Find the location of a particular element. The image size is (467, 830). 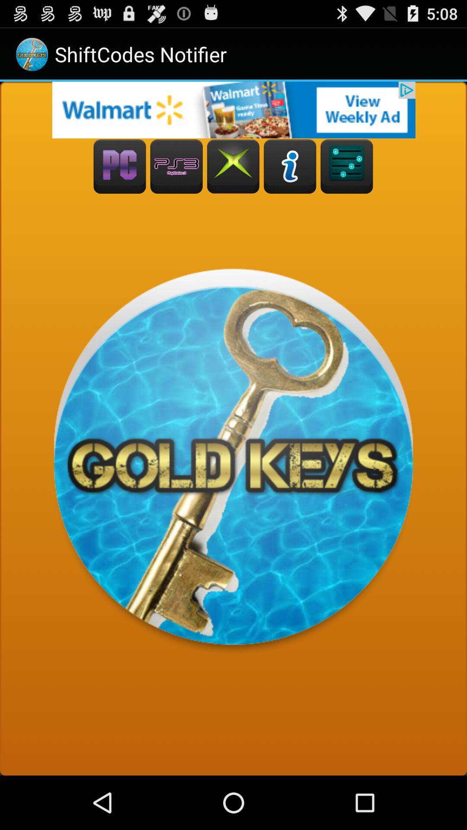

key button is located at coordinates (346, 166).